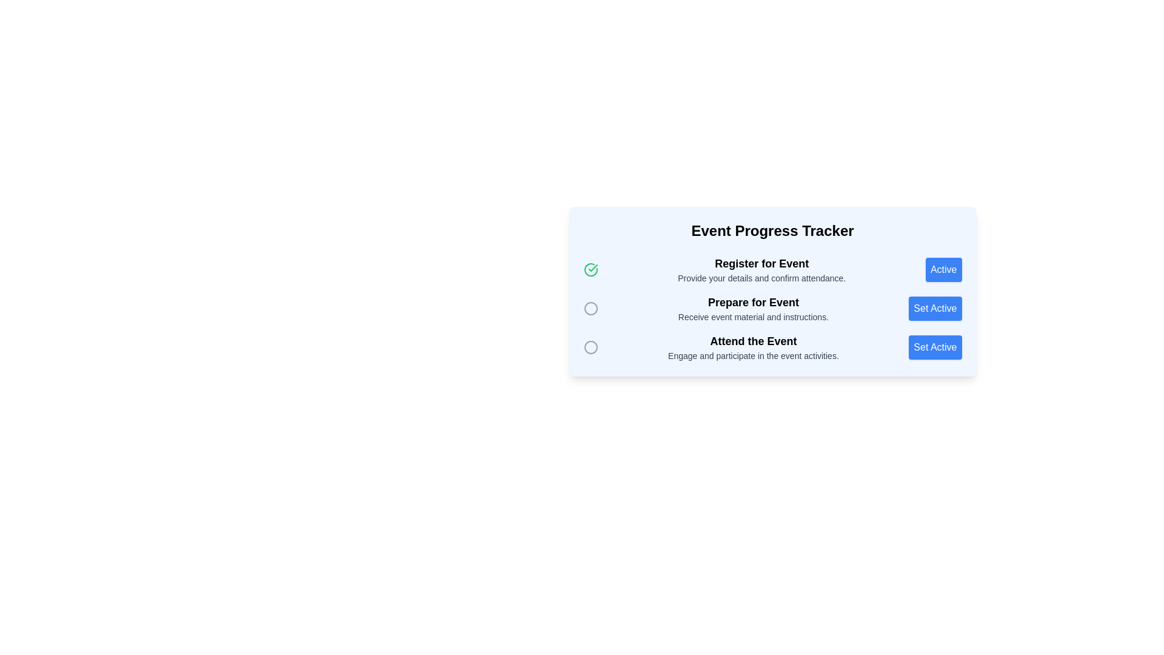  Describe the element at coordinates (590, 348) in the screenshot. I see `the third circular indicator in the Event Progress Tracker section, which indicates the status of 'Attend the Event'` at that location.